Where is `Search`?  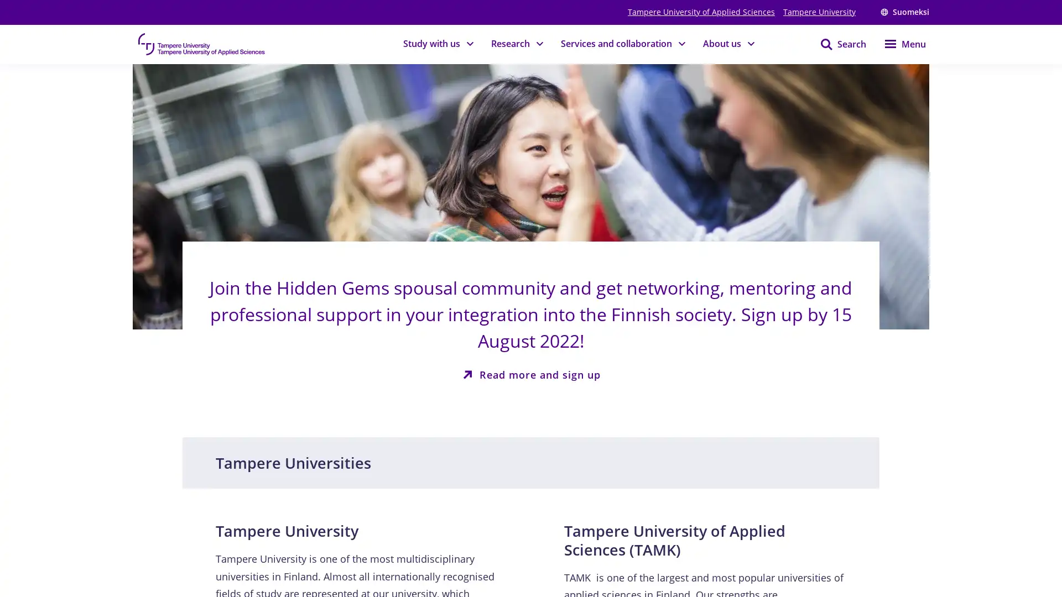
Search is located at coordinates (842, 44).